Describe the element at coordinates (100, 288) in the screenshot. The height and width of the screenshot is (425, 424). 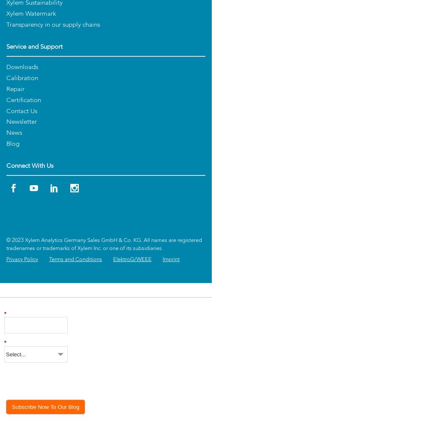
I see `'Blog subscription - We will inform you about new, relevant blog articles'` at that location.